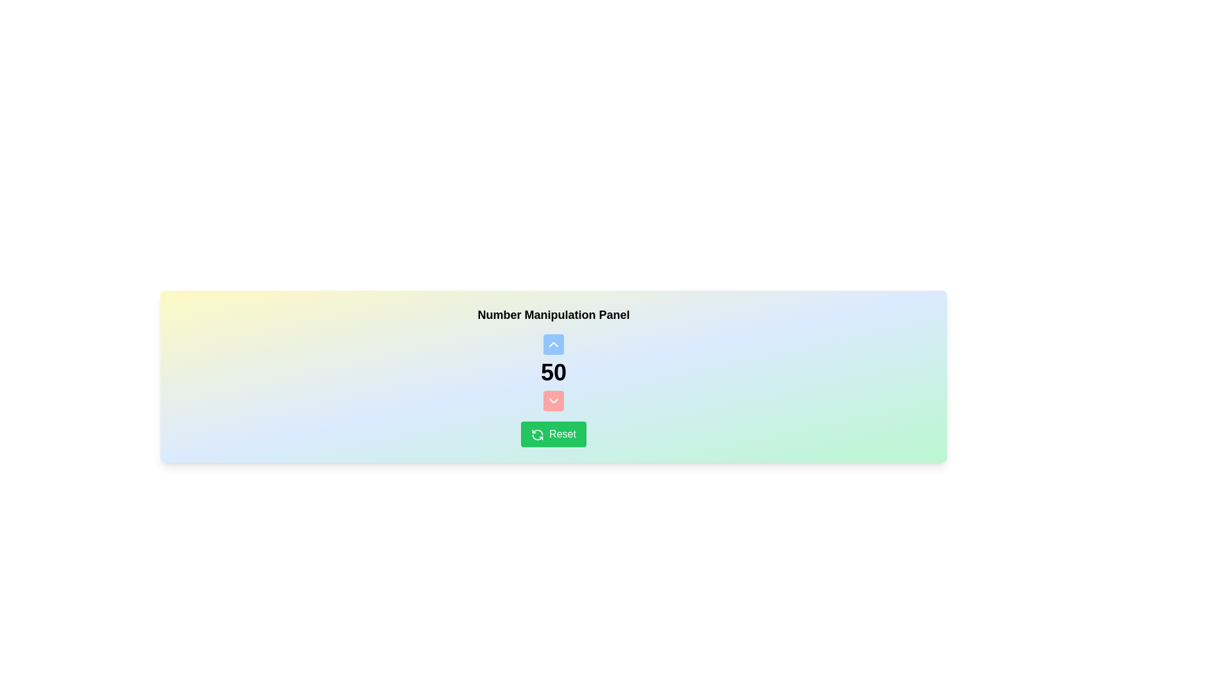  I want to click on the decorative reset icon located within the green 'Reset' button at the bottom-center of the panel, so click(538, 434).